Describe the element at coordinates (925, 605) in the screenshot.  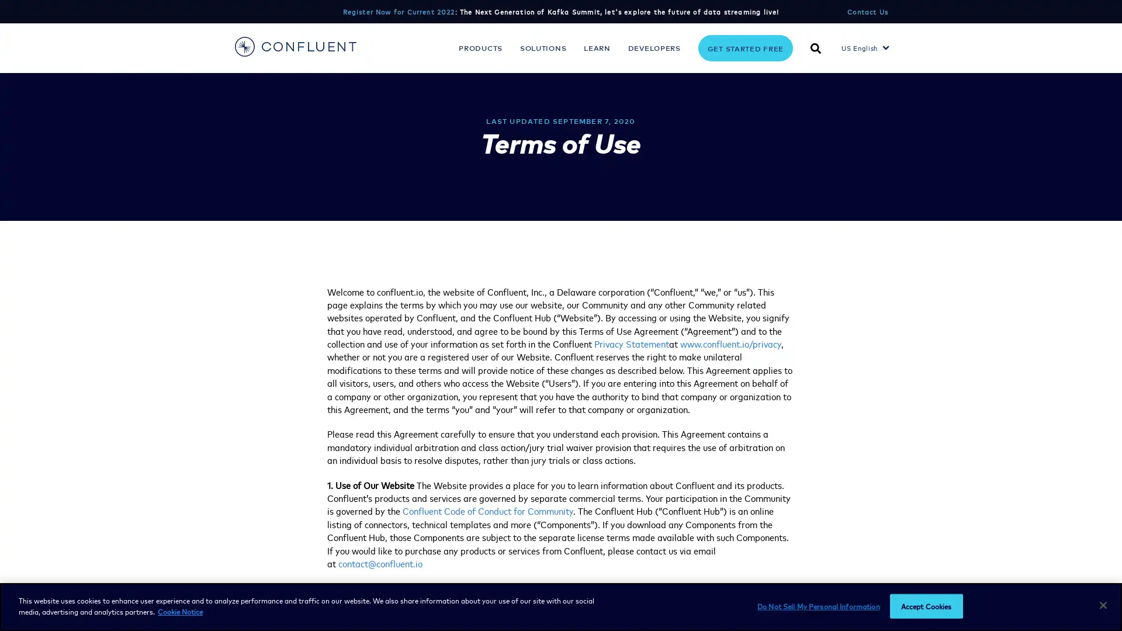
I see `Accept Cookies` at that location.